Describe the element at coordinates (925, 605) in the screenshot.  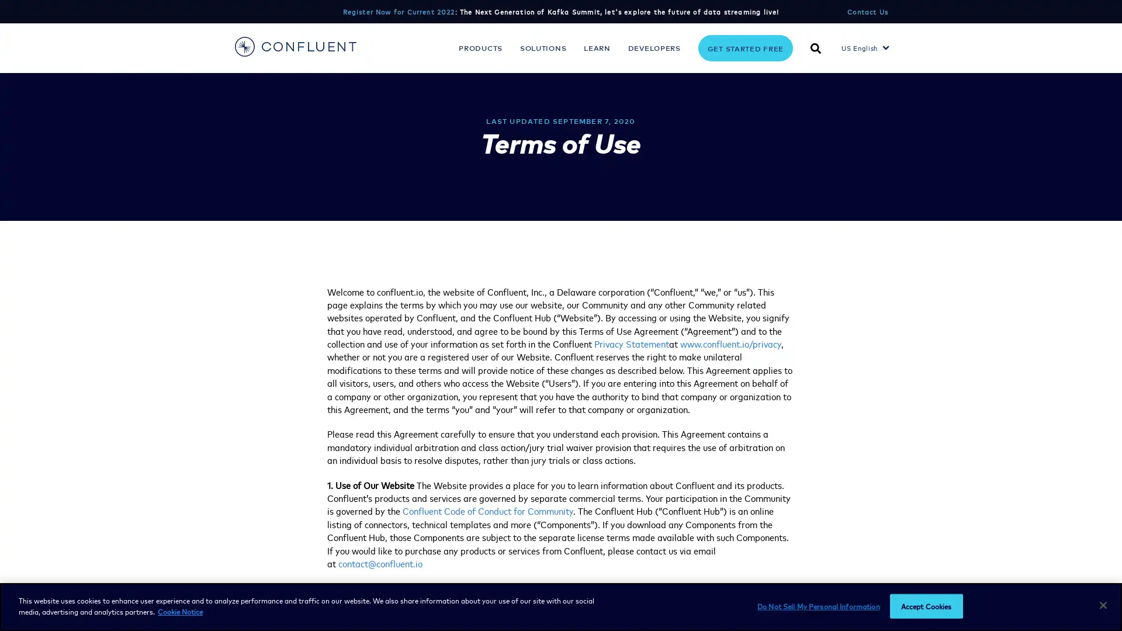
I see `Accept Cookies` at that location.